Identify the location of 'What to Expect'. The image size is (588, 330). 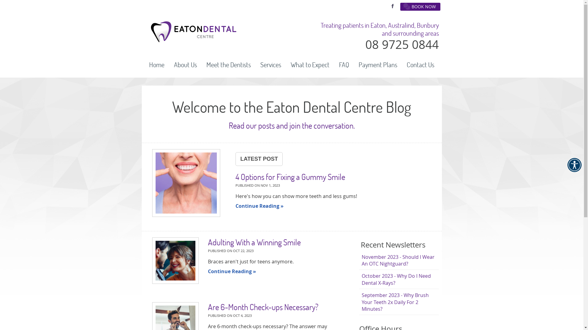
(310, 65).